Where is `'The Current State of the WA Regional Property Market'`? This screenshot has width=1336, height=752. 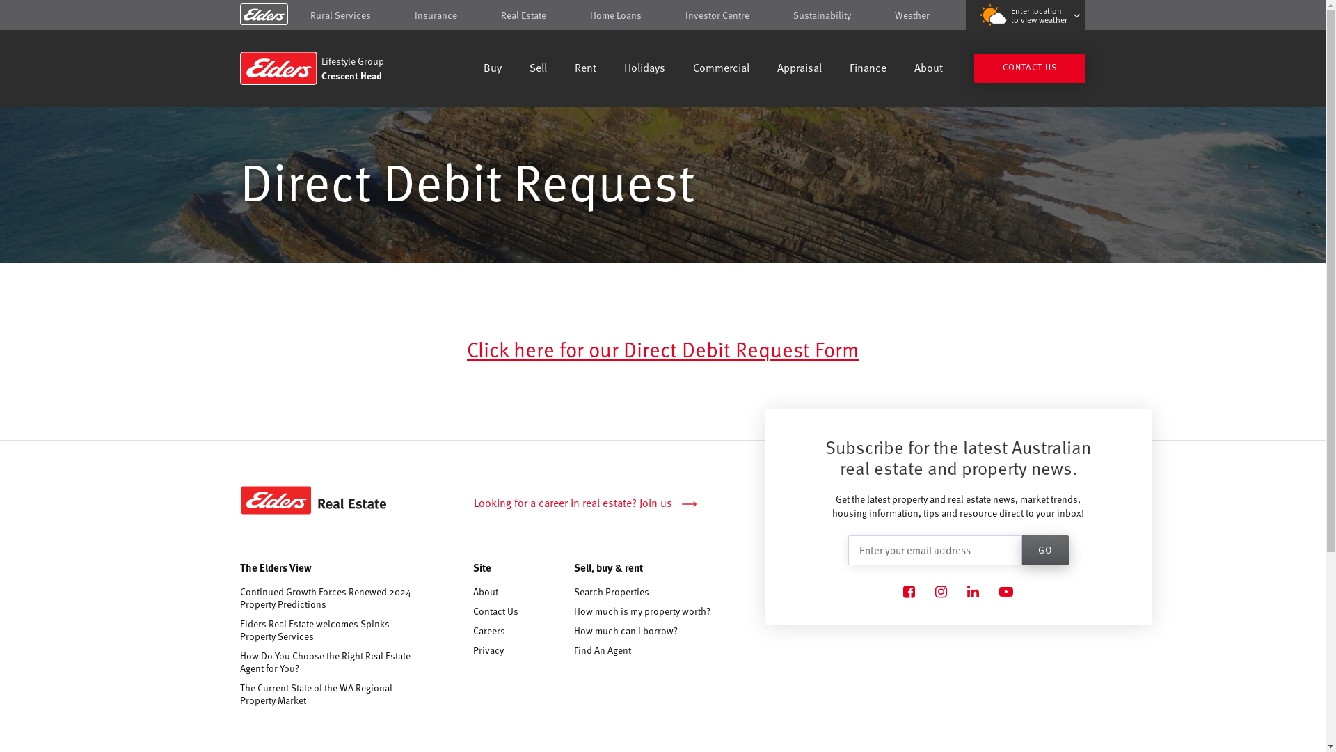 'The Current State of the WA Regional Property Market' is located at coordinates (328, 694).